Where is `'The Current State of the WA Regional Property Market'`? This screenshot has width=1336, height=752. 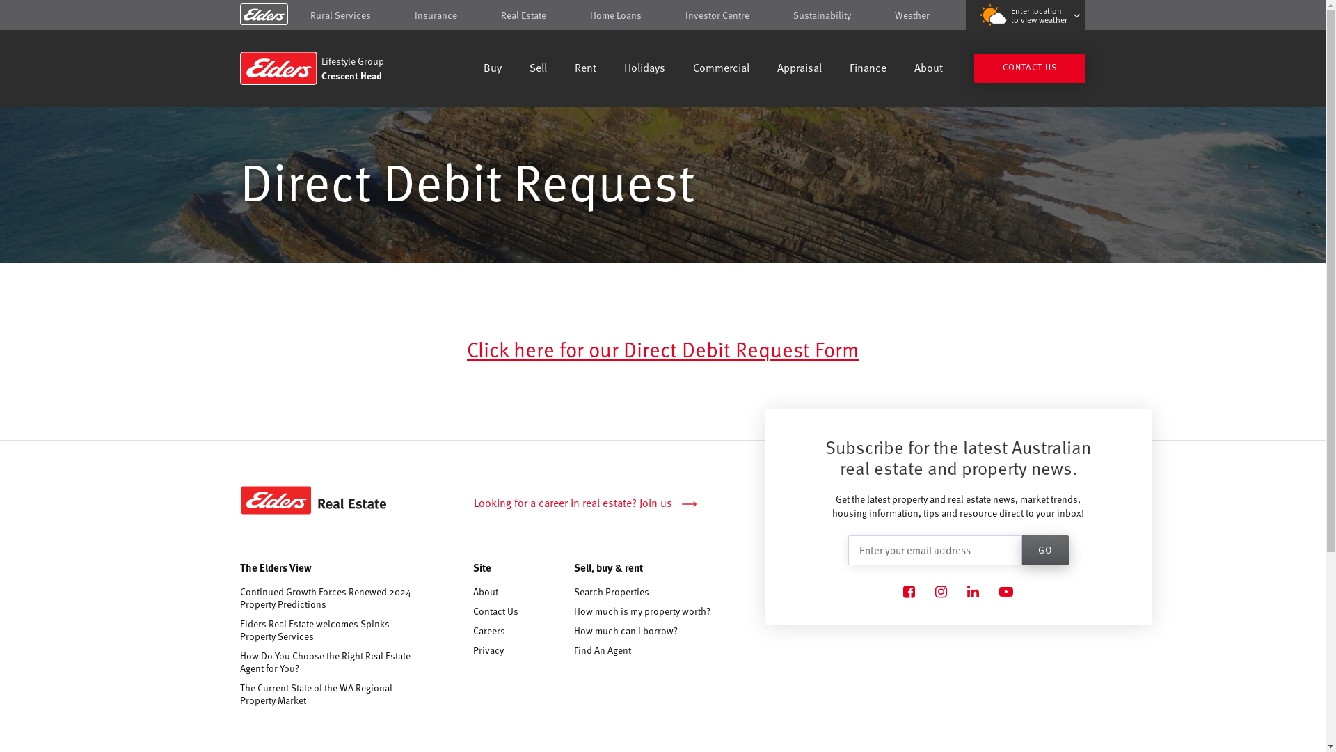 'The Current State of the WA Regional Property Market' is located at coordinates (328, 694).